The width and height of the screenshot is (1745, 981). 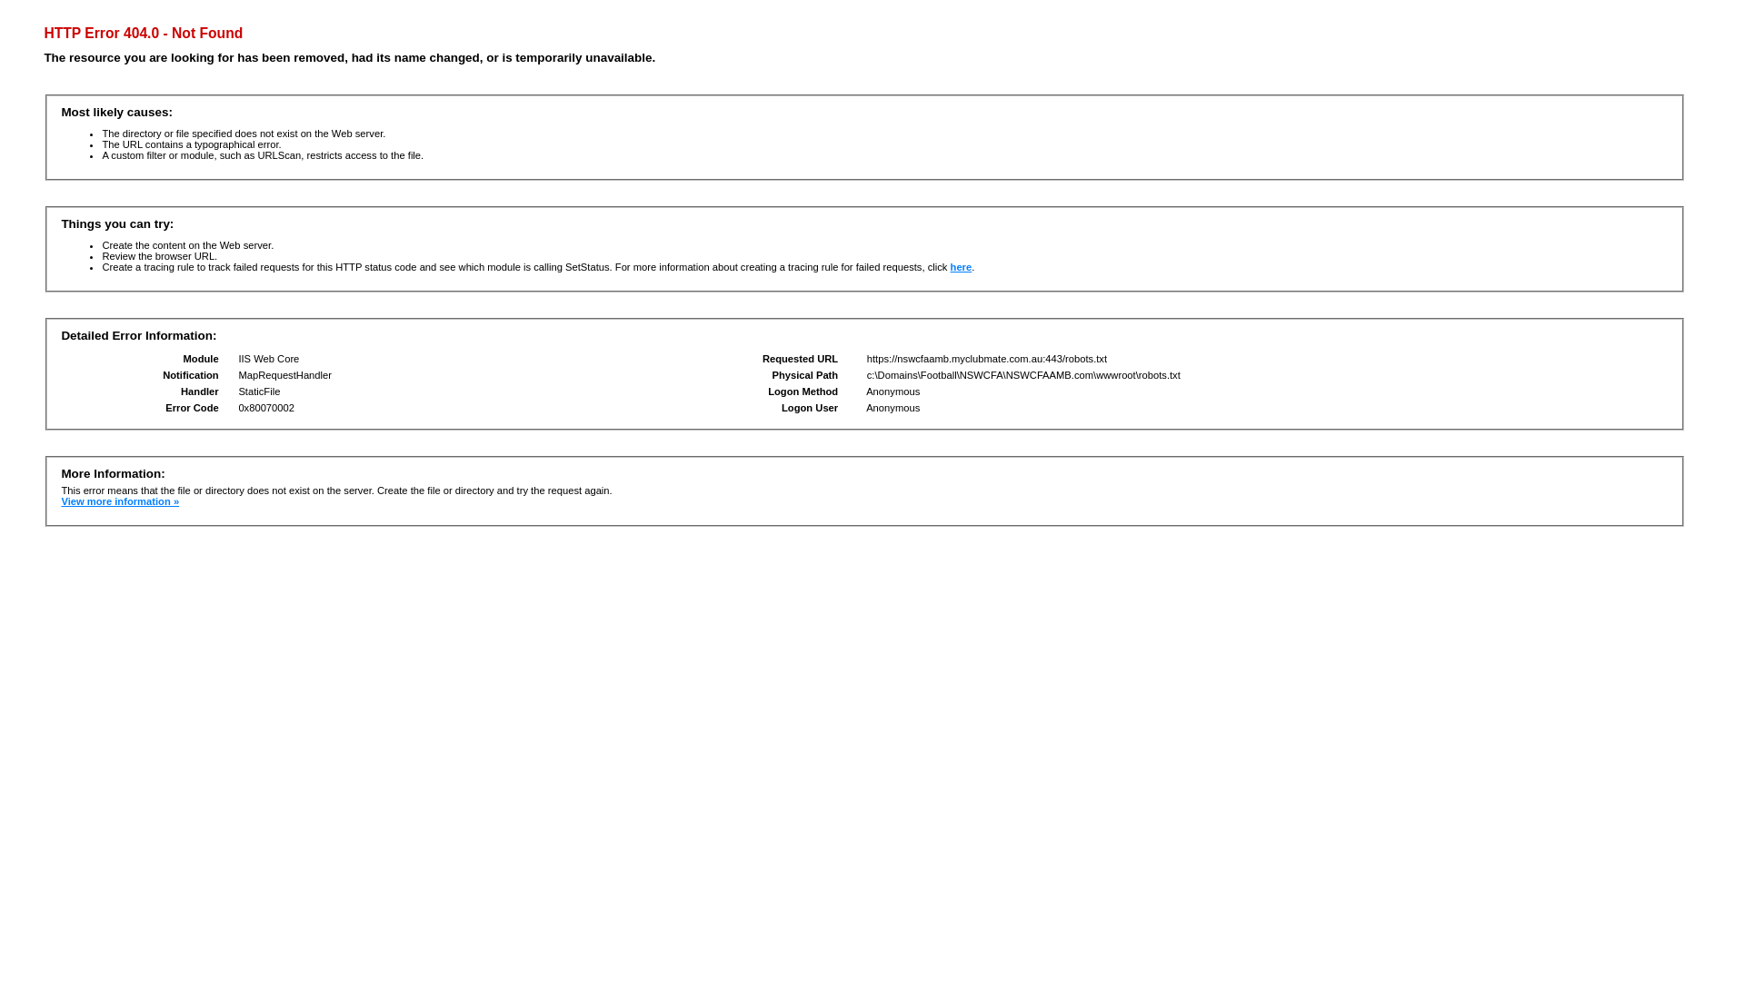 I want to click on 'here', so click(x=960, y=266).